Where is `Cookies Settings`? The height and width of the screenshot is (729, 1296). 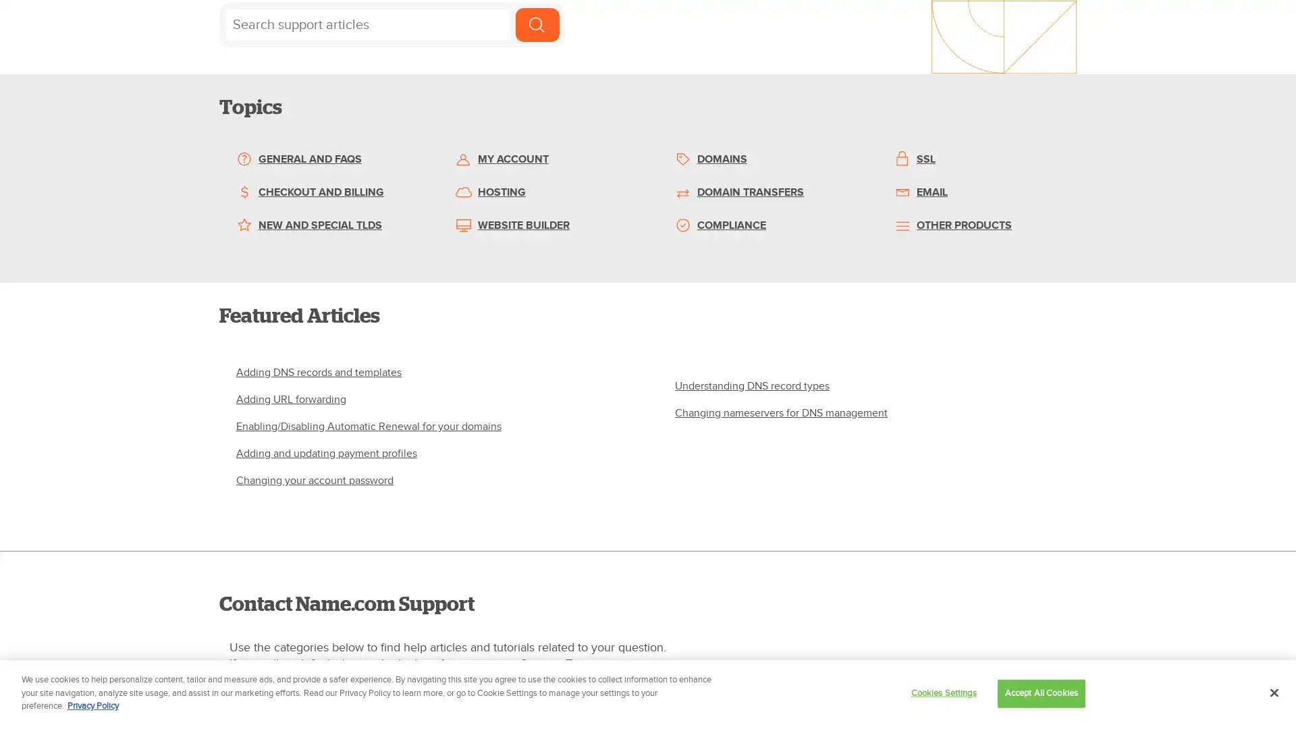
Cookies Settings is located at coordinates (942, 693).